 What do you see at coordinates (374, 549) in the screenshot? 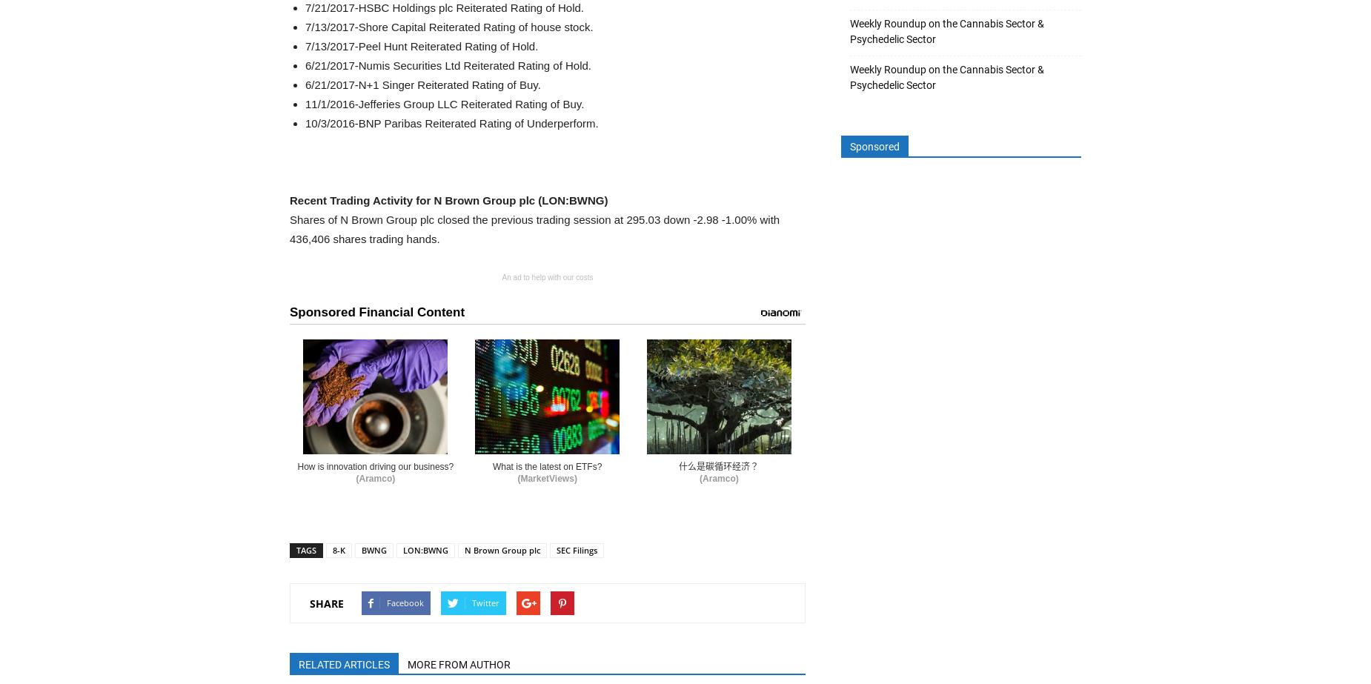
I see `'BWNG'` at bounding box center [374, 549].